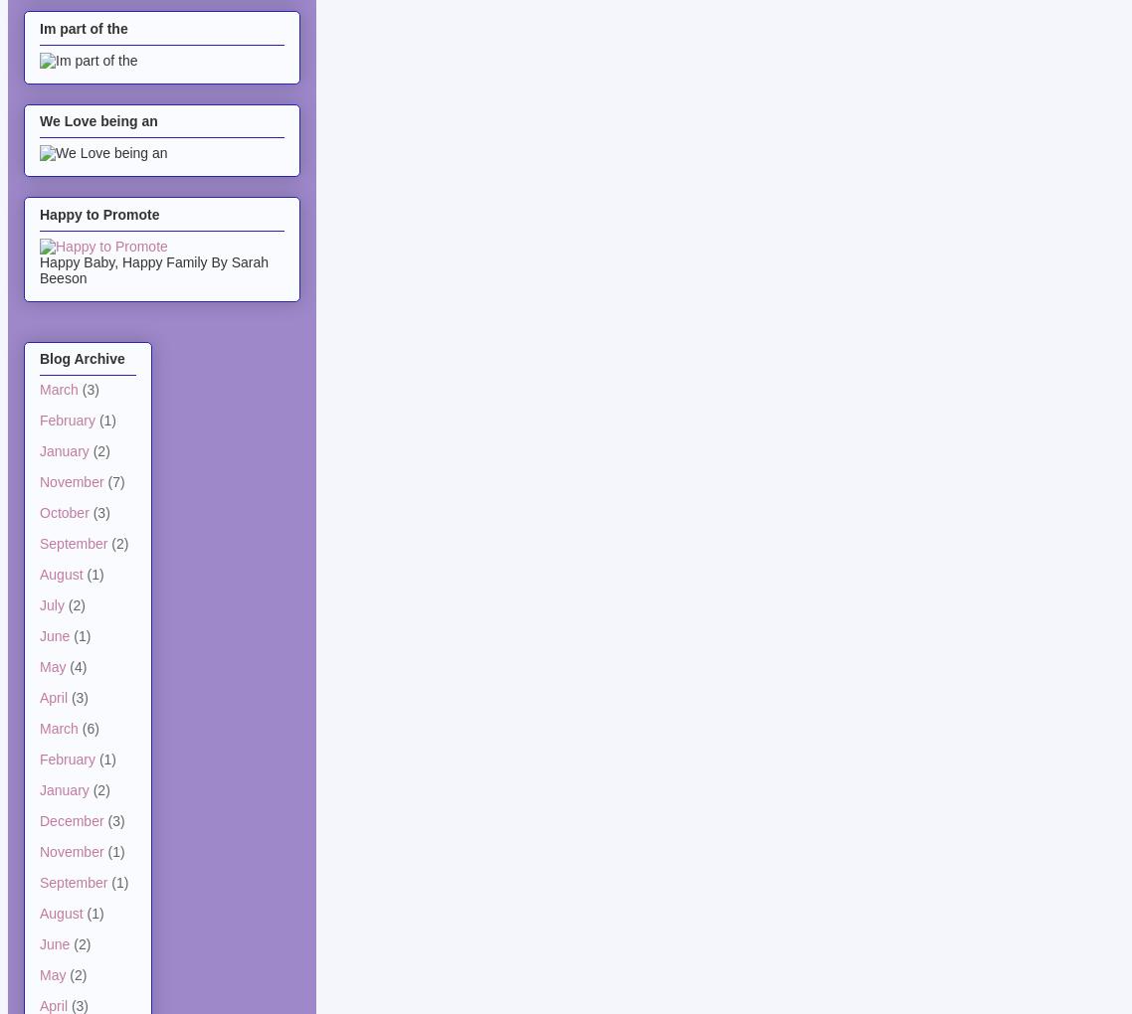 The height and width of the screenshot is (1014, 1132). Describe the element at coordinates (75, 666) in the screenshot. I see `'(4)'` at that location.